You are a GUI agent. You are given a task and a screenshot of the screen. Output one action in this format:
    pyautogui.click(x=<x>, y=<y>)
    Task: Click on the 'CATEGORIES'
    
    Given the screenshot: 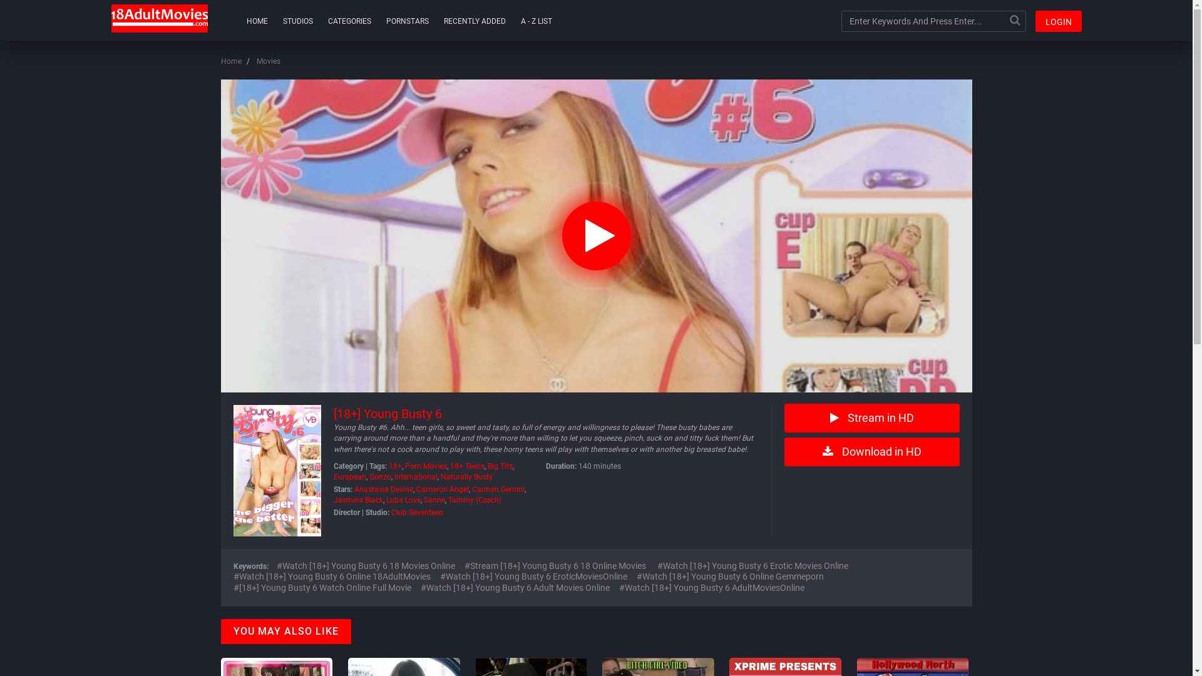 What is the action you would take?
    pyautogui.click(x=349, y=21)
    